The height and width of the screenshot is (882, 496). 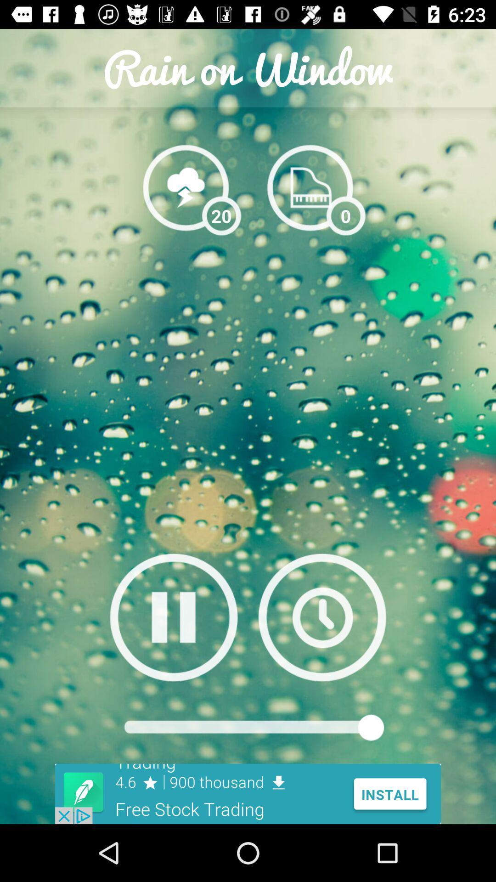 What do you see at coordinates (174, 617) in the screenshot?
I see `pause` at bounding box center [174, 617].